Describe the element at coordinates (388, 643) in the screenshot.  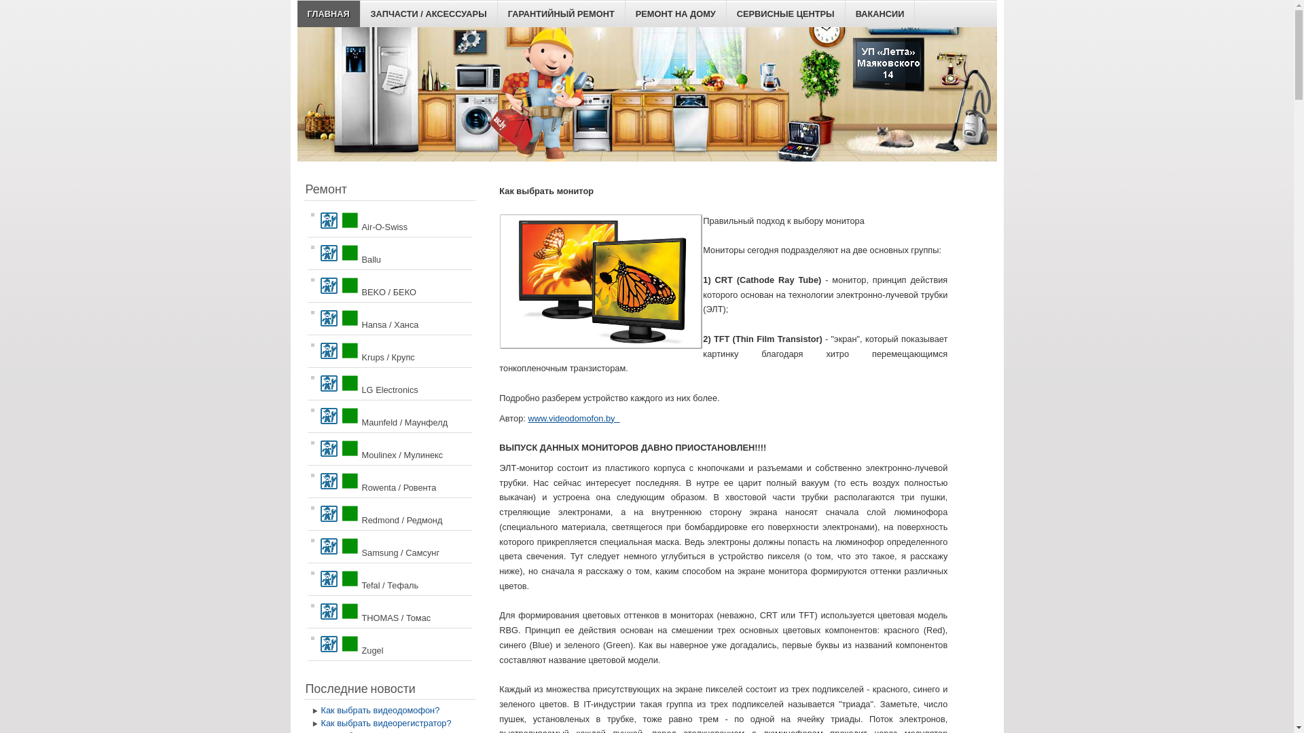
I see `'Zugel'` at that location.